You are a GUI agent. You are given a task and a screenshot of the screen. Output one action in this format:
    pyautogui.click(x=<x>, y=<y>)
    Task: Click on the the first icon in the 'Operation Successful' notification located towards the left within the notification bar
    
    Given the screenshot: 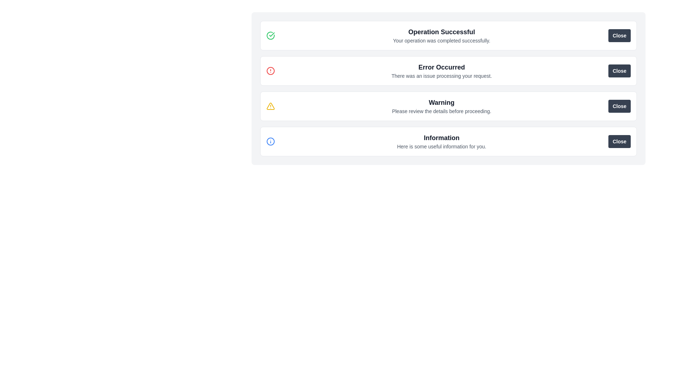 What is the action you would take?
    pyautogui.click(x=270, y=36)
    